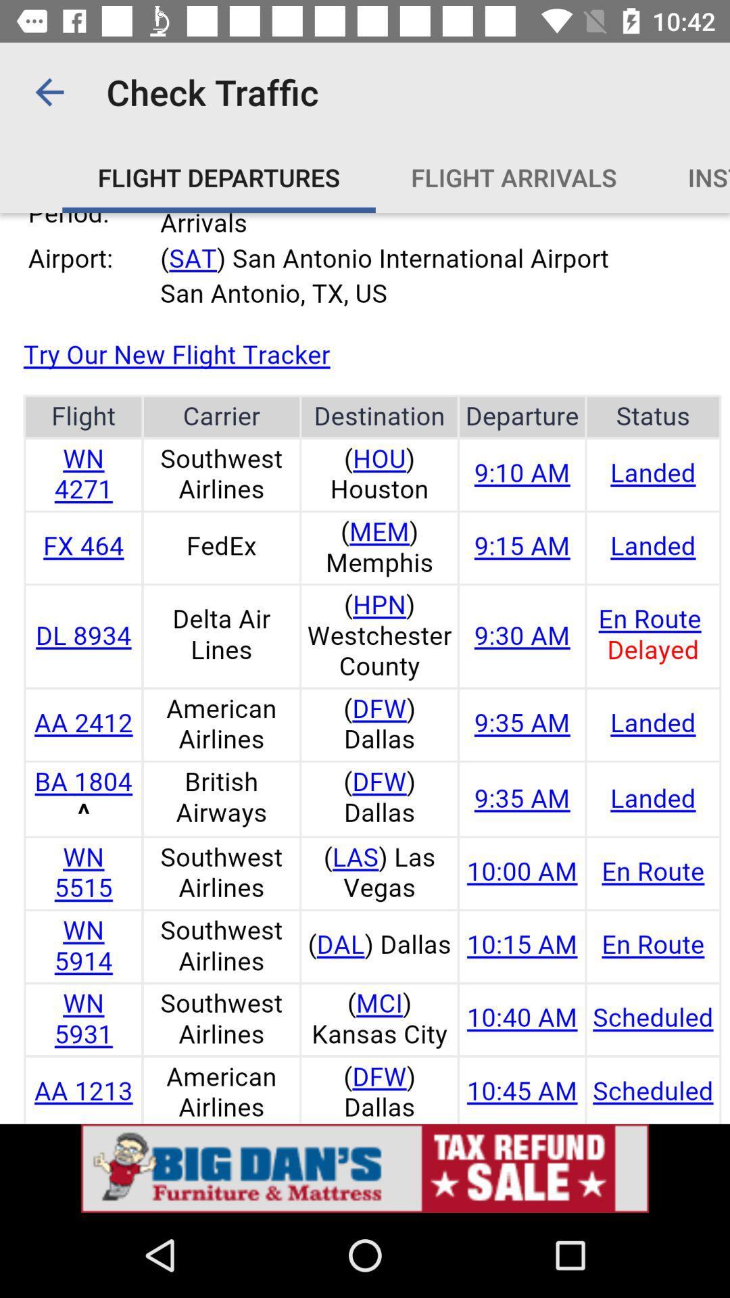  I want to click on open advertisement, so click(365, 1168).